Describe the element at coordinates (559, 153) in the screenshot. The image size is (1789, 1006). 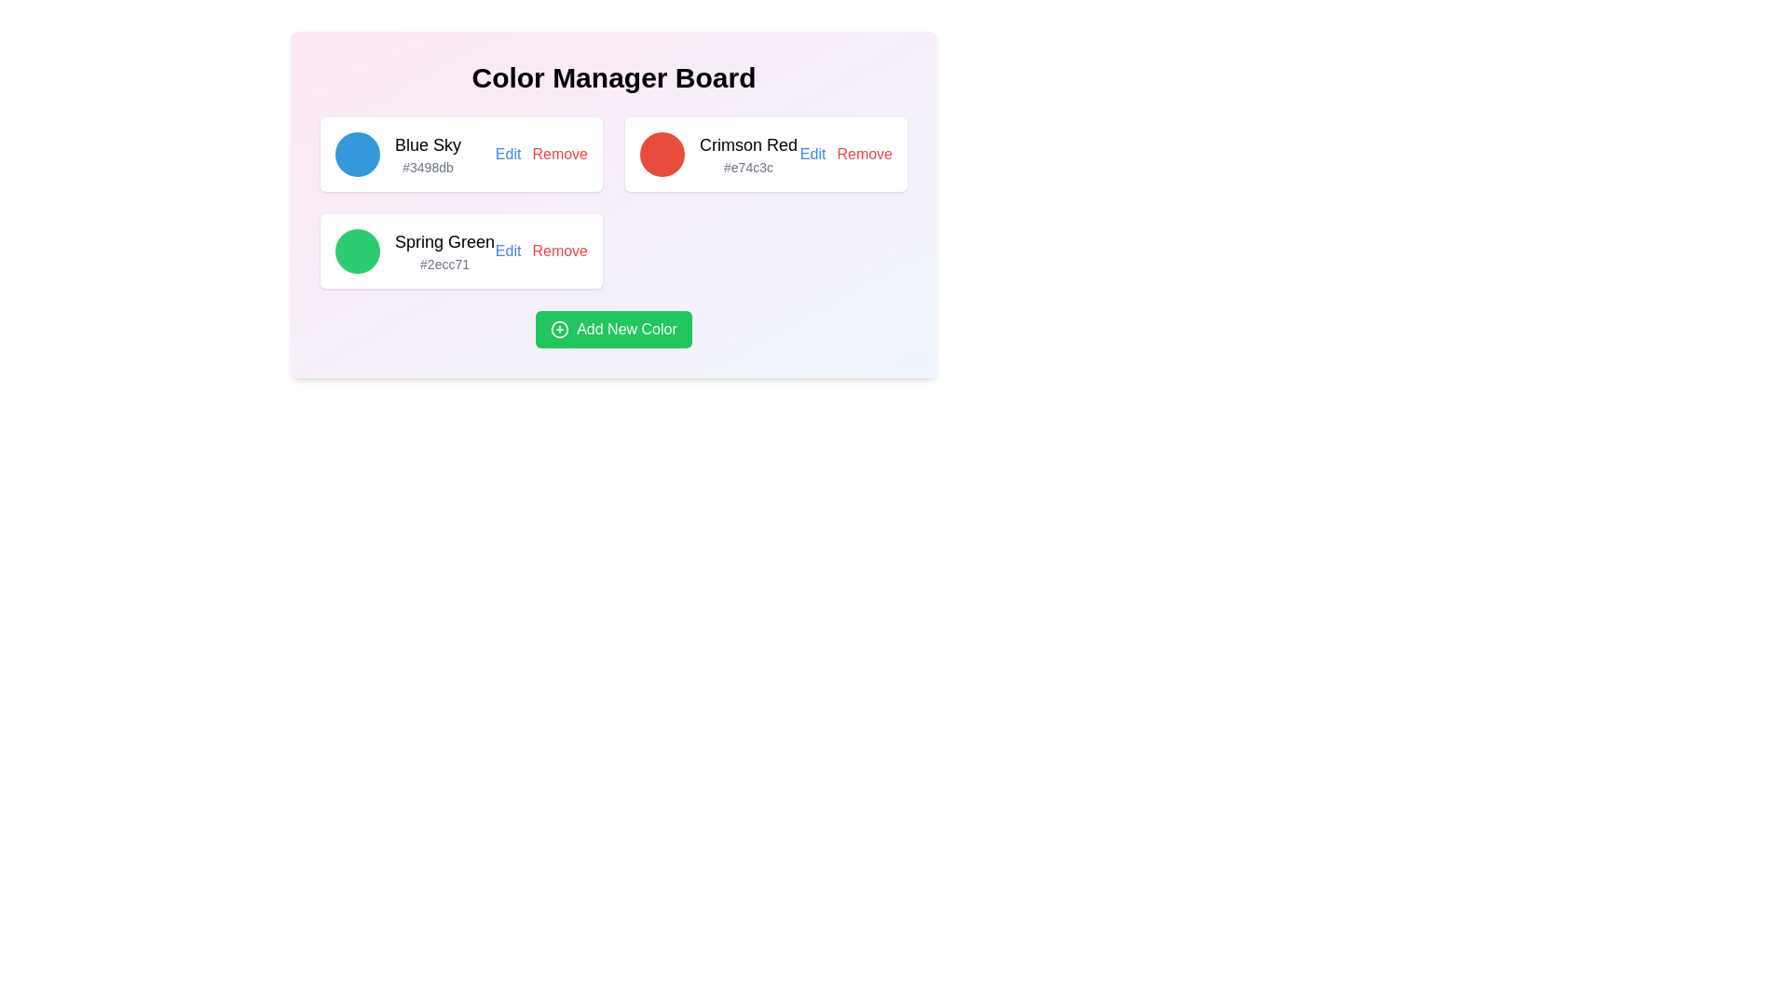
I see `the red text link labeled 'Remove'` at that location.